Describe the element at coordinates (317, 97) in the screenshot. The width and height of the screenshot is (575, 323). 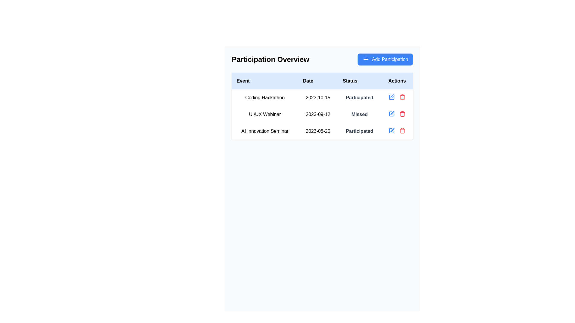
I see `the Text Label displaying the date '2023-10-15' in the second column of the table layout, which is aligned with the 'Coding Hackathon' event` at that location.